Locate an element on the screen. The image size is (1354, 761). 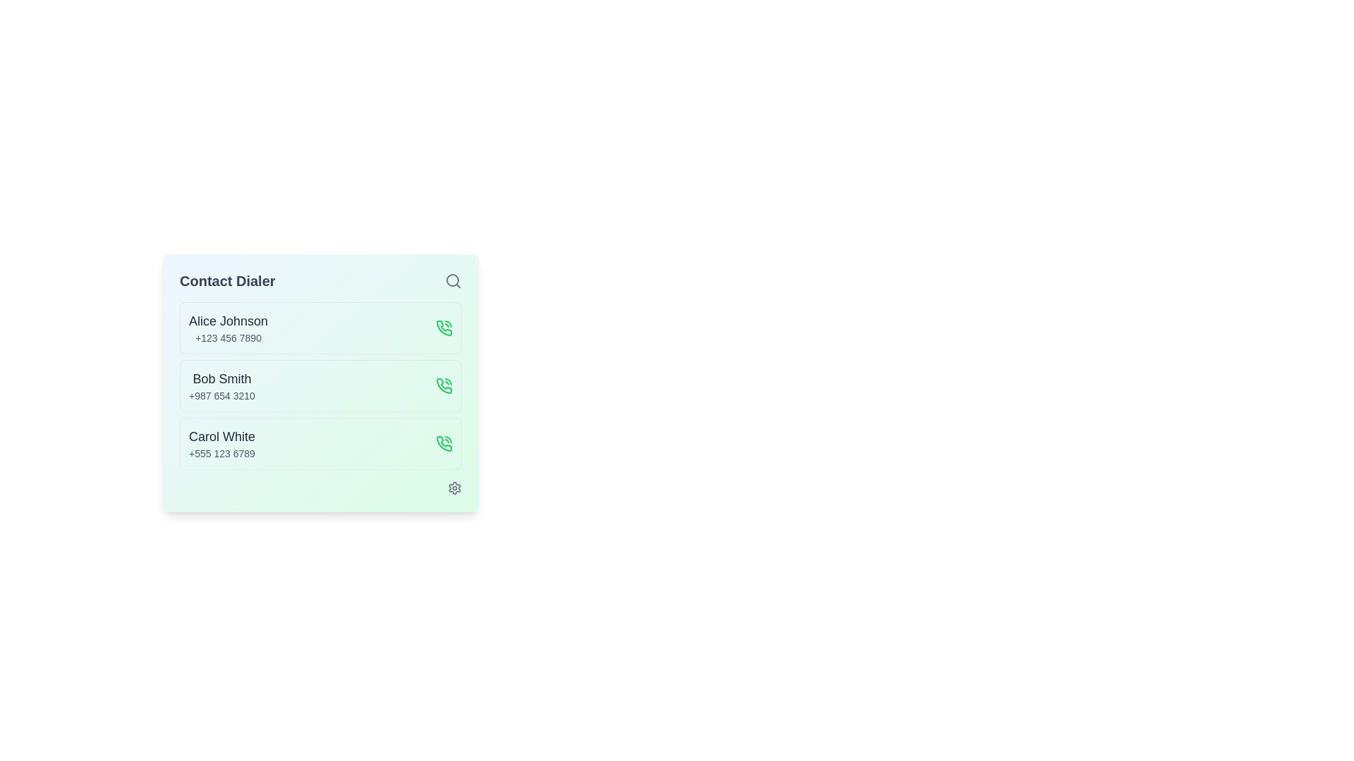
the static text label that displays 'Contact Dialer', which is bold and large-sized, located at the top-left corner of the interface is located at coordinates (227, 280).